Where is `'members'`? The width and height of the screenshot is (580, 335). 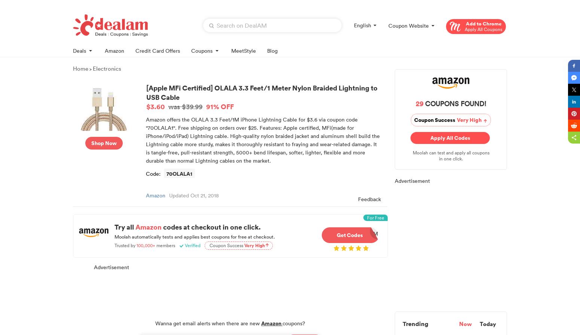
'members' is located at coordinates (165, 245).